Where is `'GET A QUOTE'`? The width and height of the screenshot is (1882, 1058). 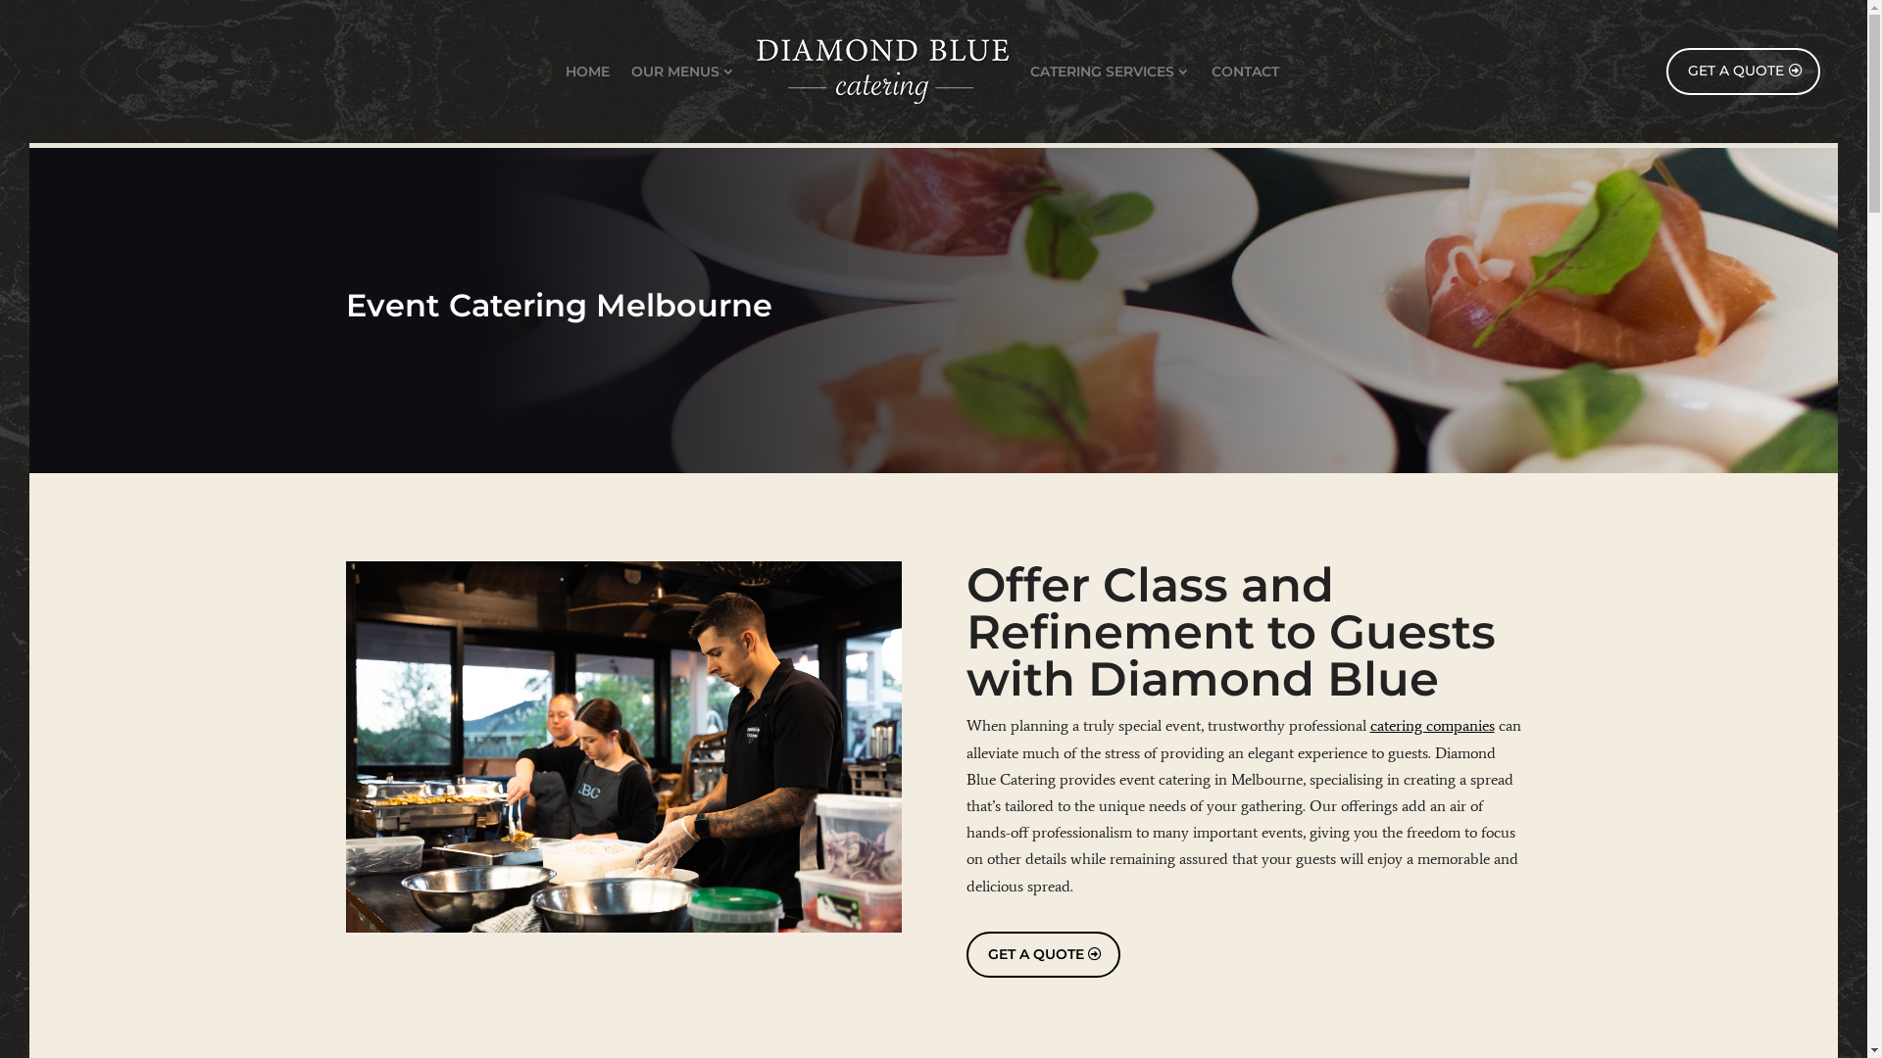 'GET A QUOTE' is located at coordinates (1042, 954).